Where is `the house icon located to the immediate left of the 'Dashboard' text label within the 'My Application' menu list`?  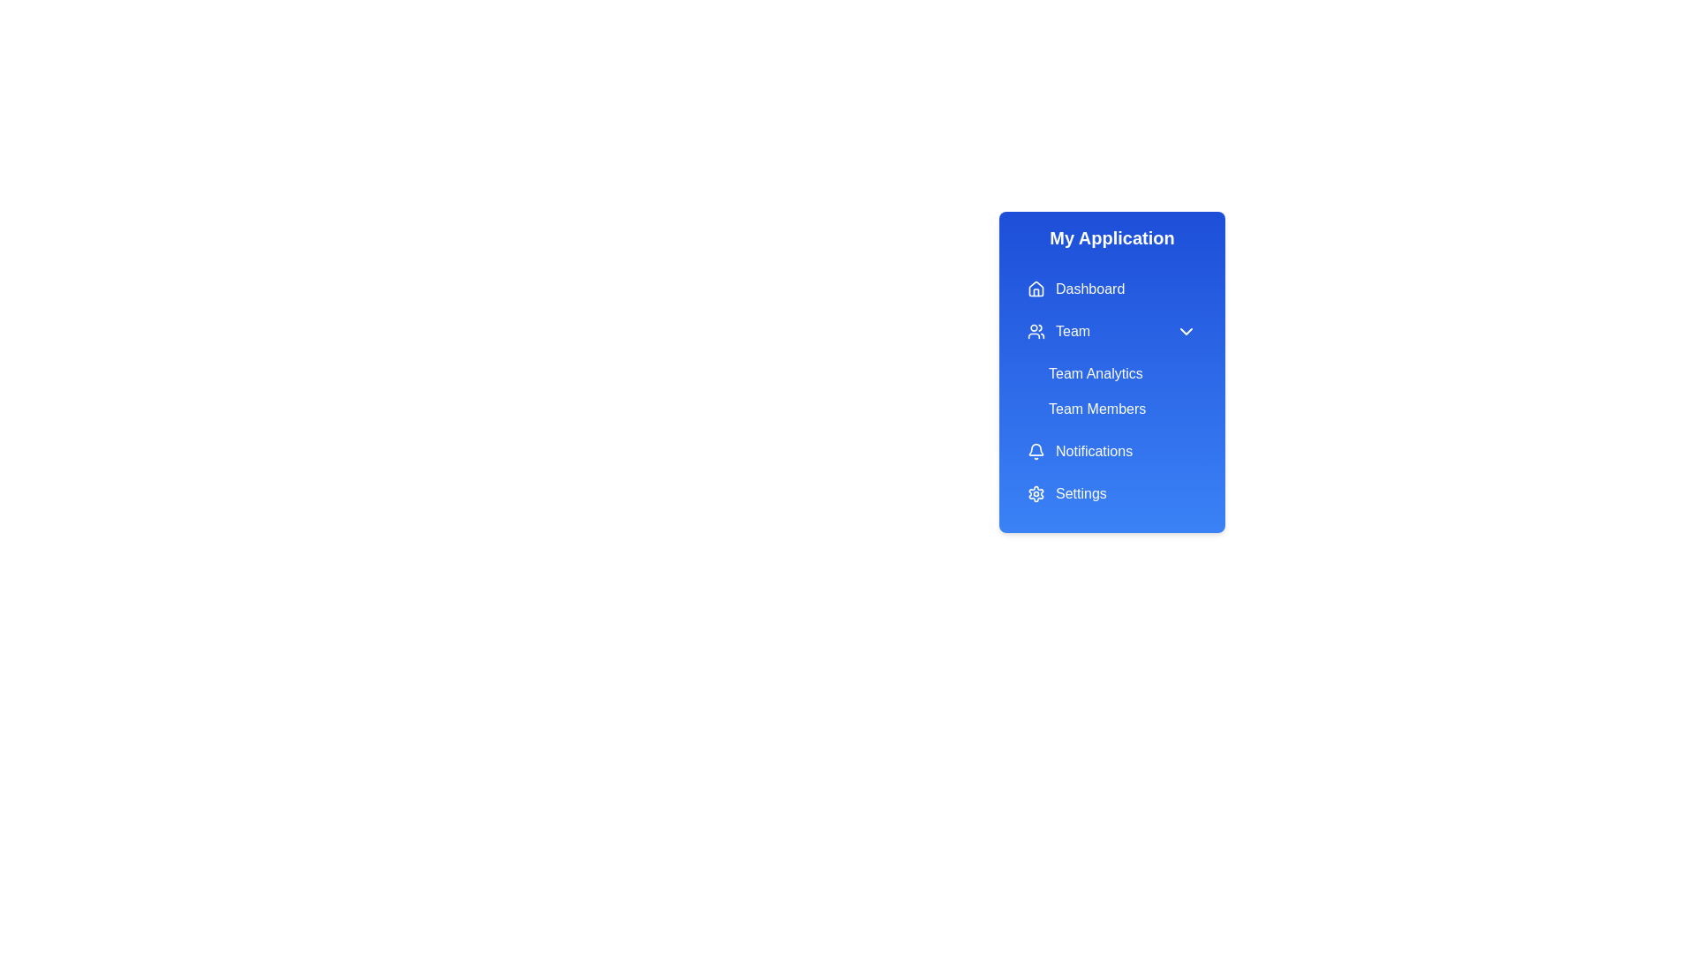 the house icon located to the immediate left of the 'Dashboard' text label within the 'My Application' menu list is located at coordinates (1036, 288).